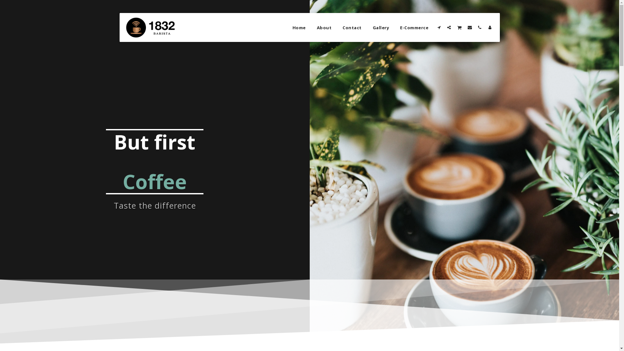 The height and width of the screenshot is (351, 624). Describe the element at coordinates (324, 27) in the screenshot. I see `'About'` at that location.